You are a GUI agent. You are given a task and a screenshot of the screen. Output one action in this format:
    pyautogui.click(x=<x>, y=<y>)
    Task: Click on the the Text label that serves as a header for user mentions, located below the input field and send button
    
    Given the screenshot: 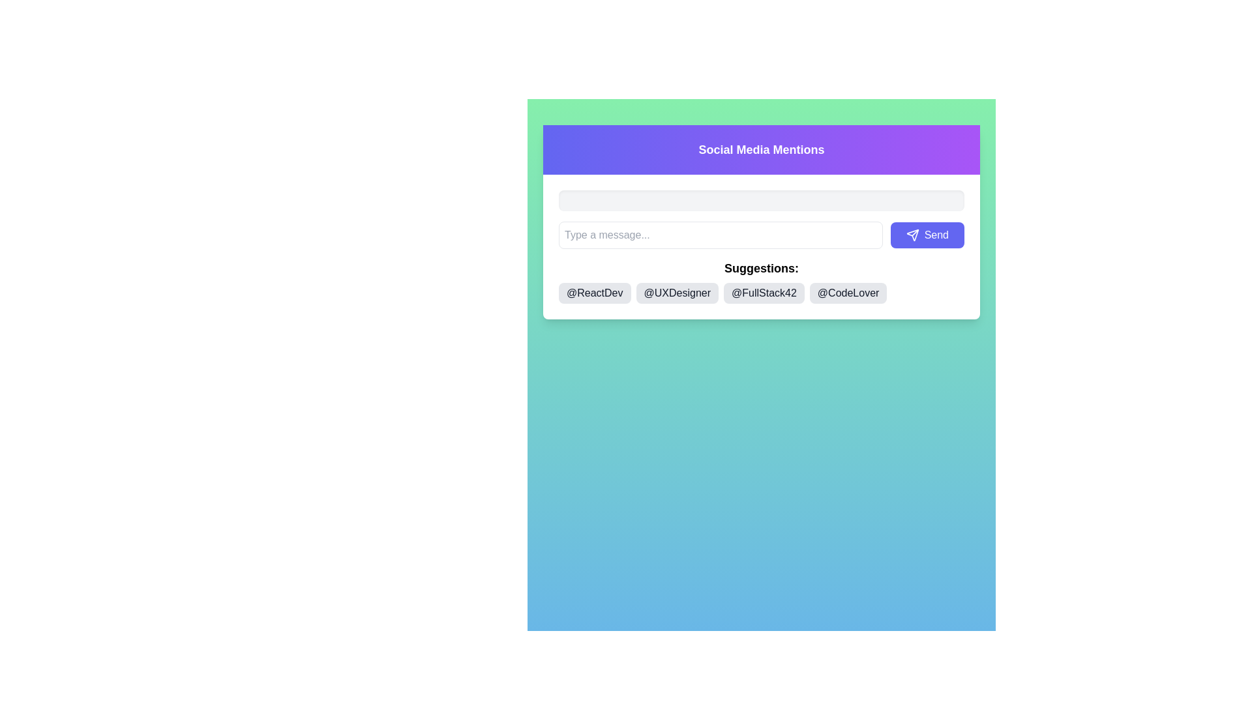 What is the action you would take?
    pyautogui.click(x=761, y=268)
    